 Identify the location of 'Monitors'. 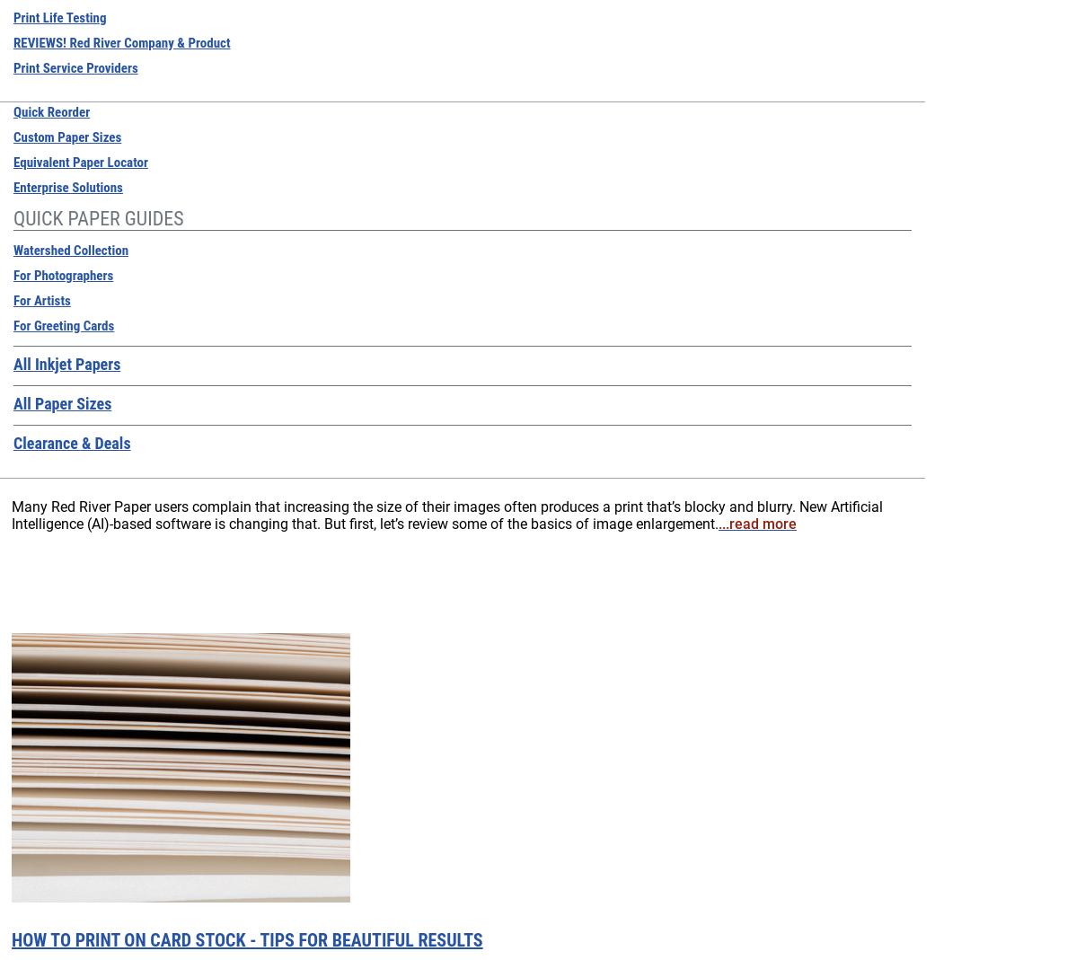
(83, 42).